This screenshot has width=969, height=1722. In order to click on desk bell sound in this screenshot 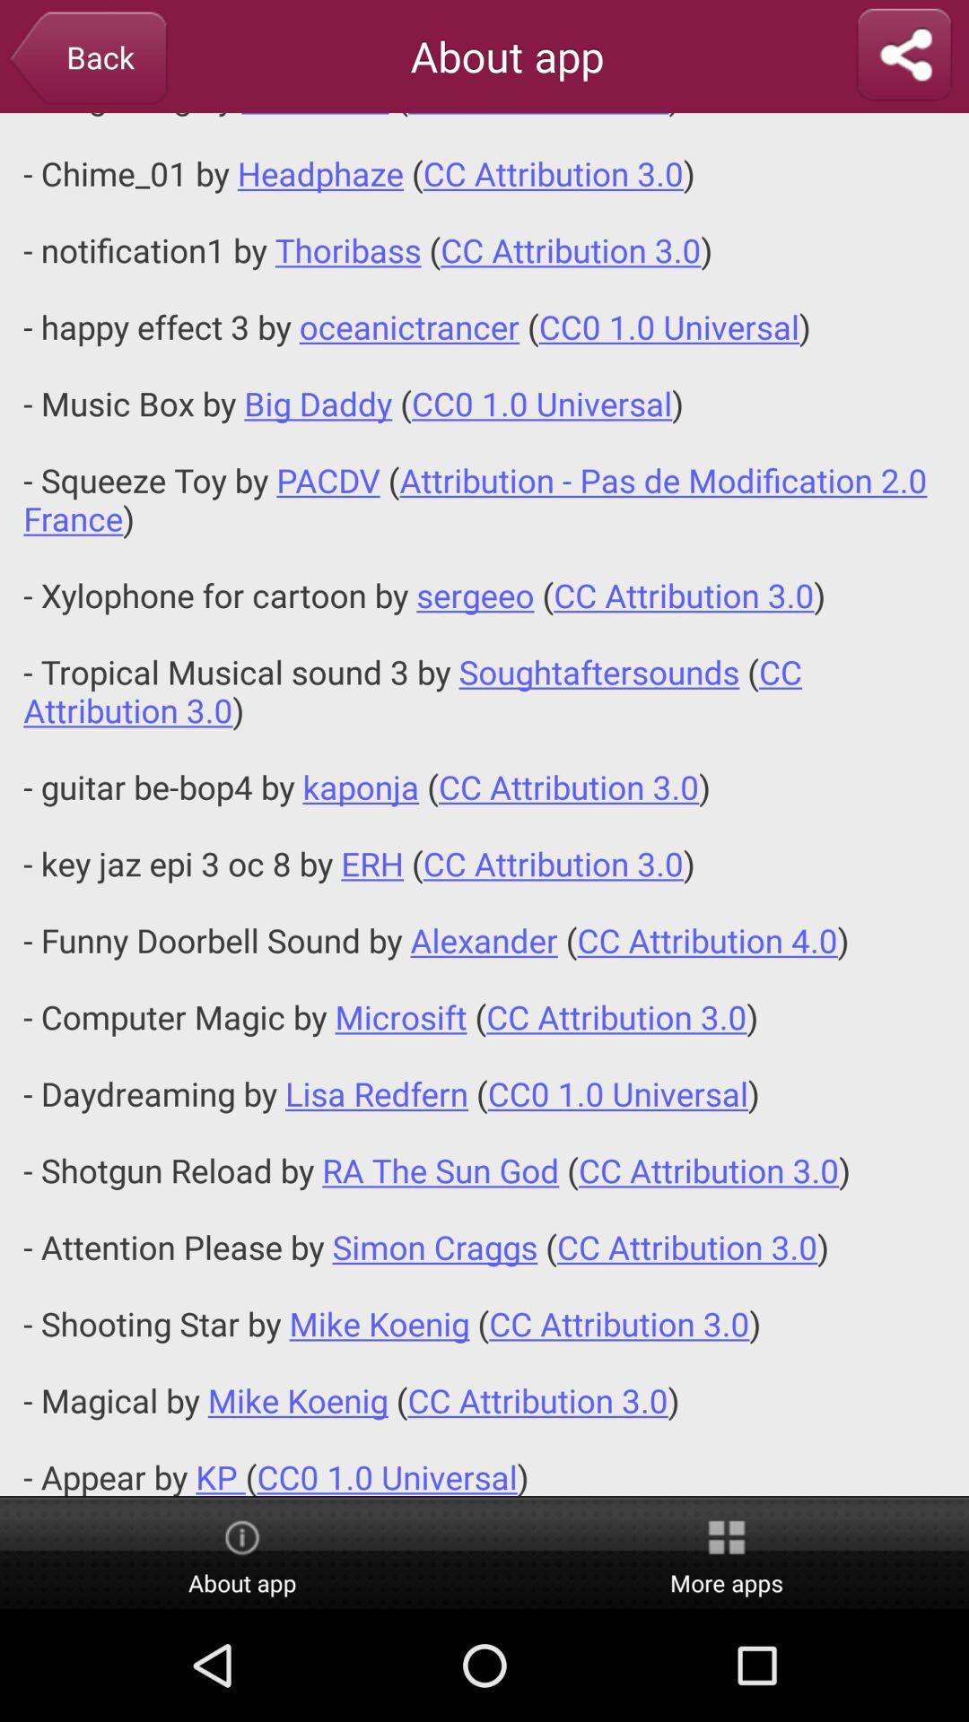, I will do `click(484, 804)`.